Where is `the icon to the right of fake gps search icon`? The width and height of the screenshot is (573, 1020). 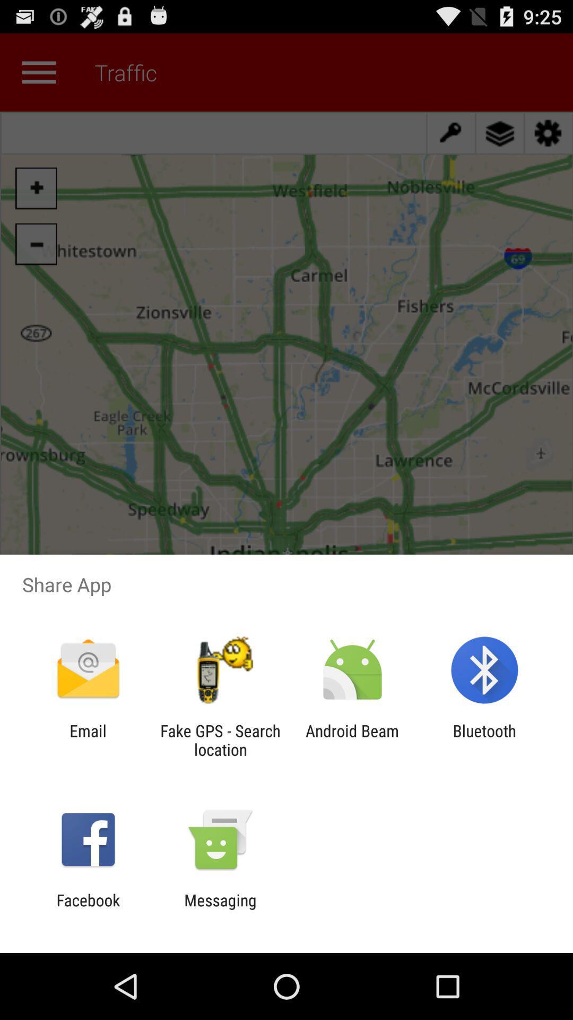
the icon to the right of fake gps search icon is located at coordinates (352, 739).